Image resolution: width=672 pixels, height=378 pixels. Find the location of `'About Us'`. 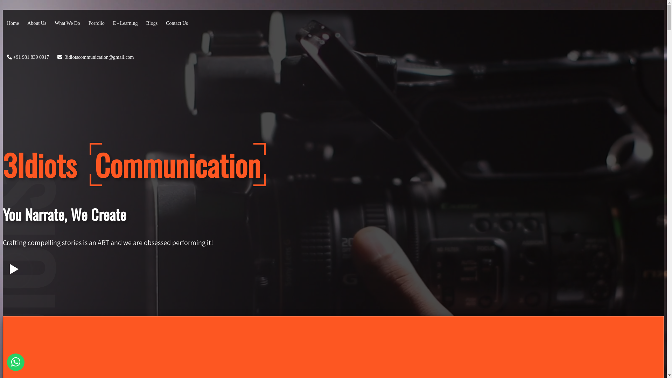

'About Us' is located at coordinates (37, 22).